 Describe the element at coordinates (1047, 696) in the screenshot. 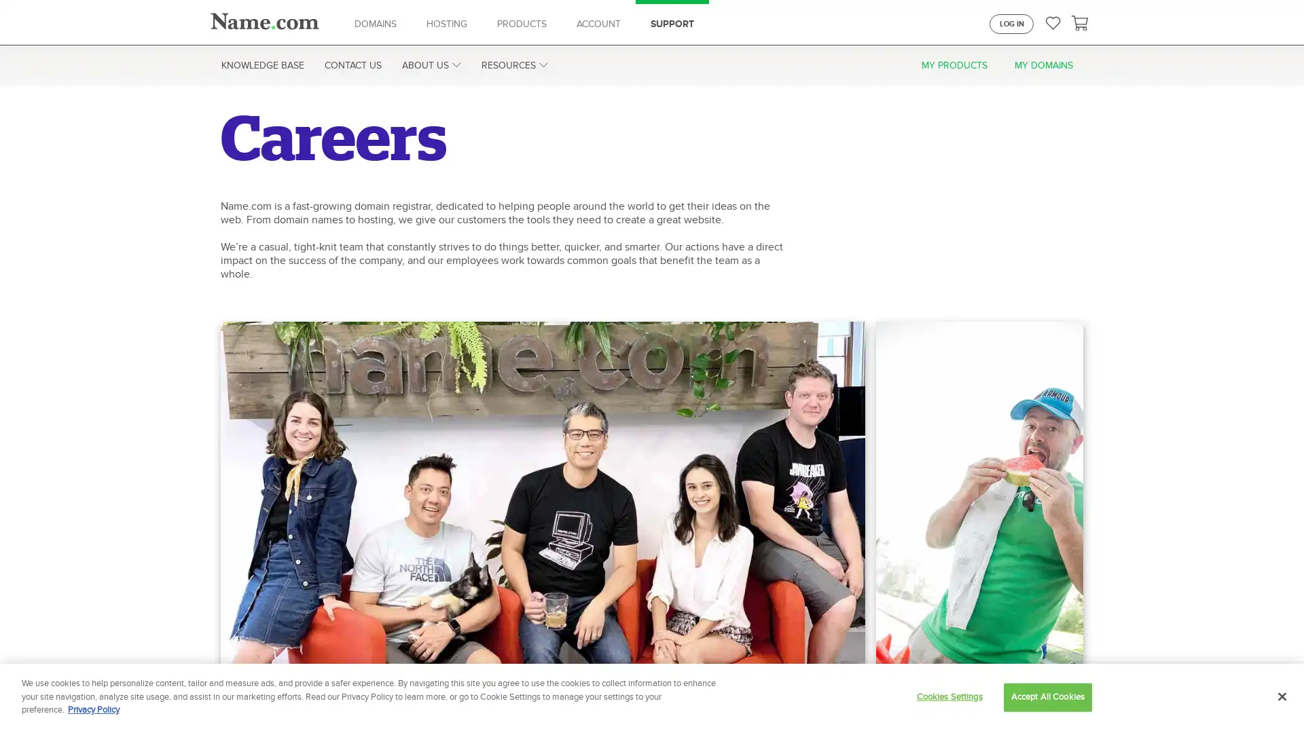

I see `Accept All Cookies` at that location.